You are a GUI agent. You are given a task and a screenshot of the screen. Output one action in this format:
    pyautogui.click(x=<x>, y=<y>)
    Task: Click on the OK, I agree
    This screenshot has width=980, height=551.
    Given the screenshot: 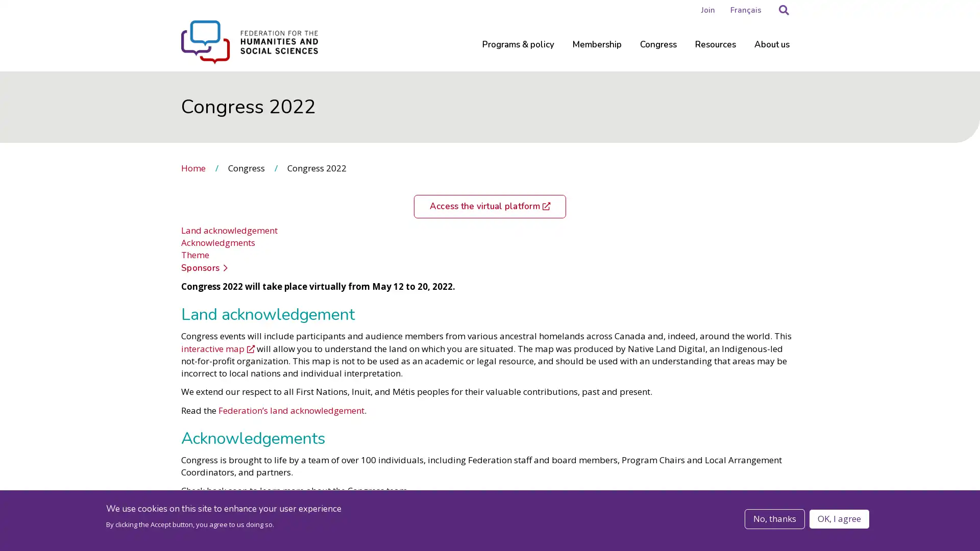 What is the action you would take?
    pyautogui.click(x=839, y=519)
    